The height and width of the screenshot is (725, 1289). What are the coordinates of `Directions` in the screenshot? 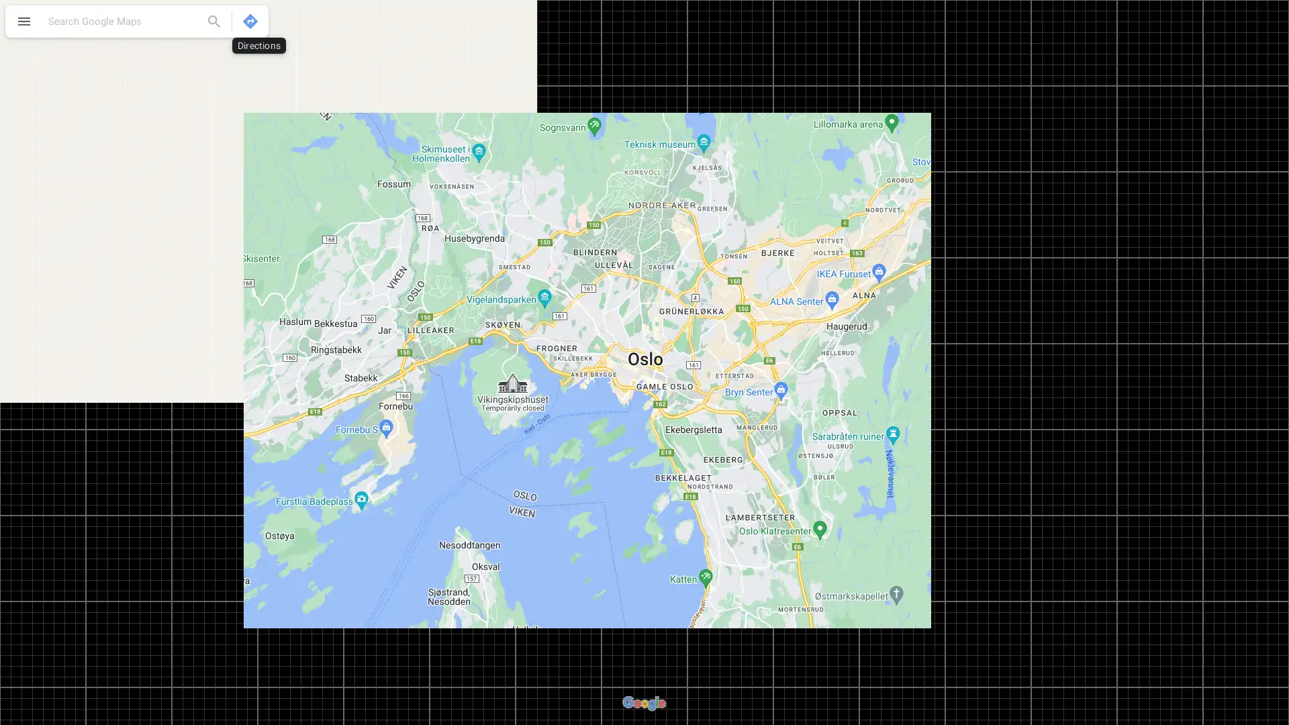 It's located at (250, 21).